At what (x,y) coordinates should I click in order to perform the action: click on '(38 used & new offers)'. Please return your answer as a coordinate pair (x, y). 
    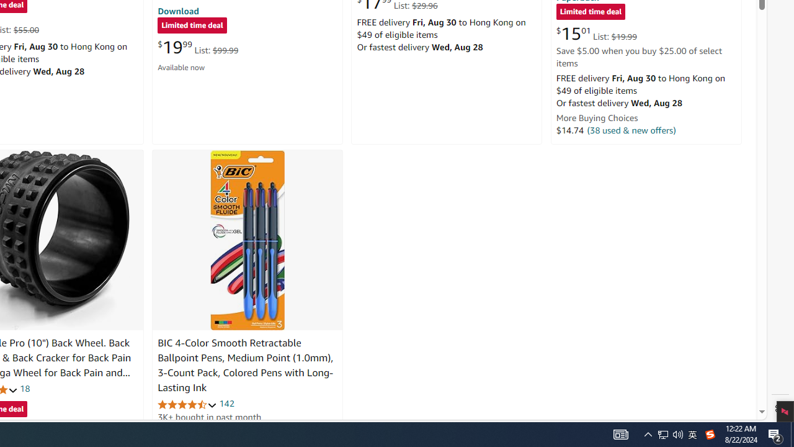
    Looking at the image, I should click on (631, 130).